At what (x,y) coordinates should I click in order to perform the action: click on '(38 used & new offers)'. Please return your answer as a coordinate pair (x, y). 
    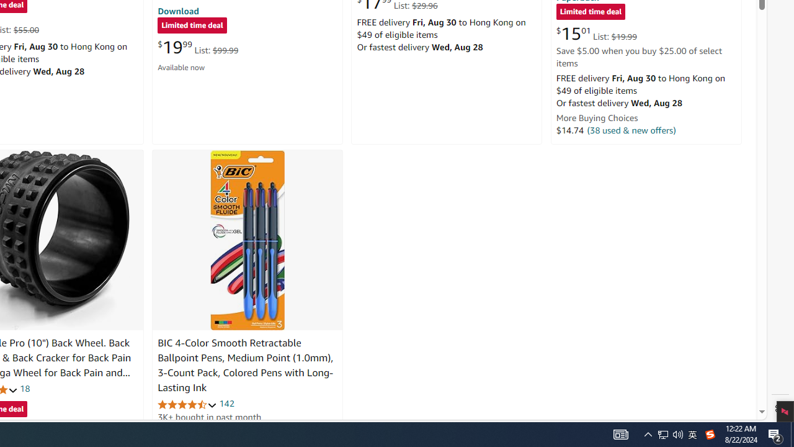
    Looking at the image, I should click on (631, 130).